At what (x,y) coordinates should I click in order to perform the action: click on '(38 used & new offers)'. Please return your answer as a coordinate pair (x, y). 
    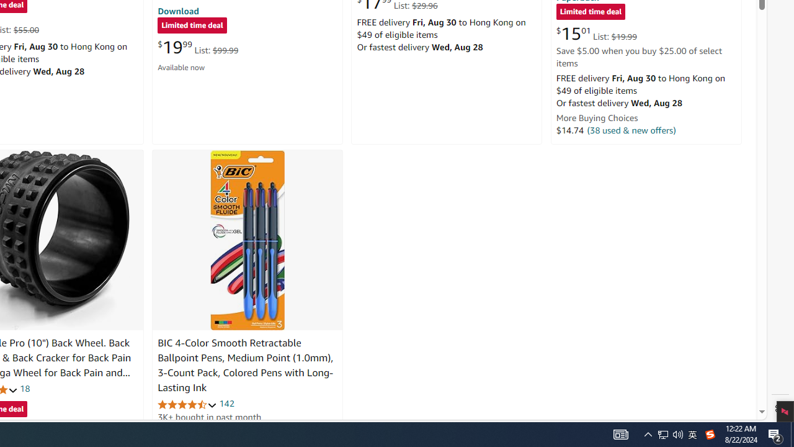
    Looking at the image, I should click on (631, 130).